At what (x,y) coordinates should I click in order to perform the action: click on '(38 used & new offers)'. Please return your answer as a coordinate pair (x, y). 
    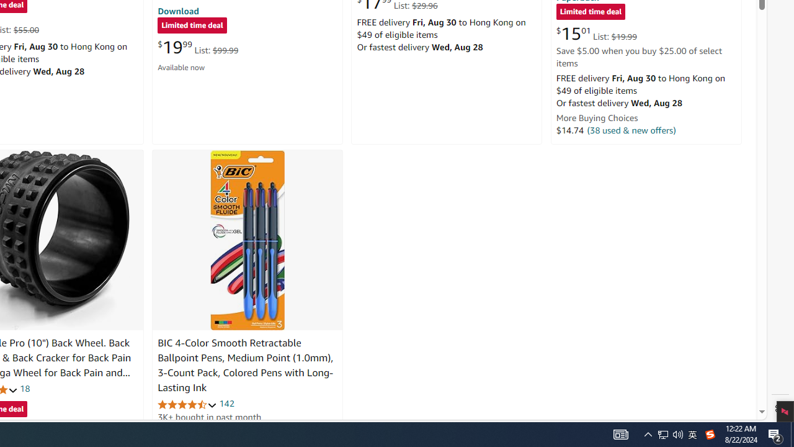
    Looking at the image, I should click on (631, 130).